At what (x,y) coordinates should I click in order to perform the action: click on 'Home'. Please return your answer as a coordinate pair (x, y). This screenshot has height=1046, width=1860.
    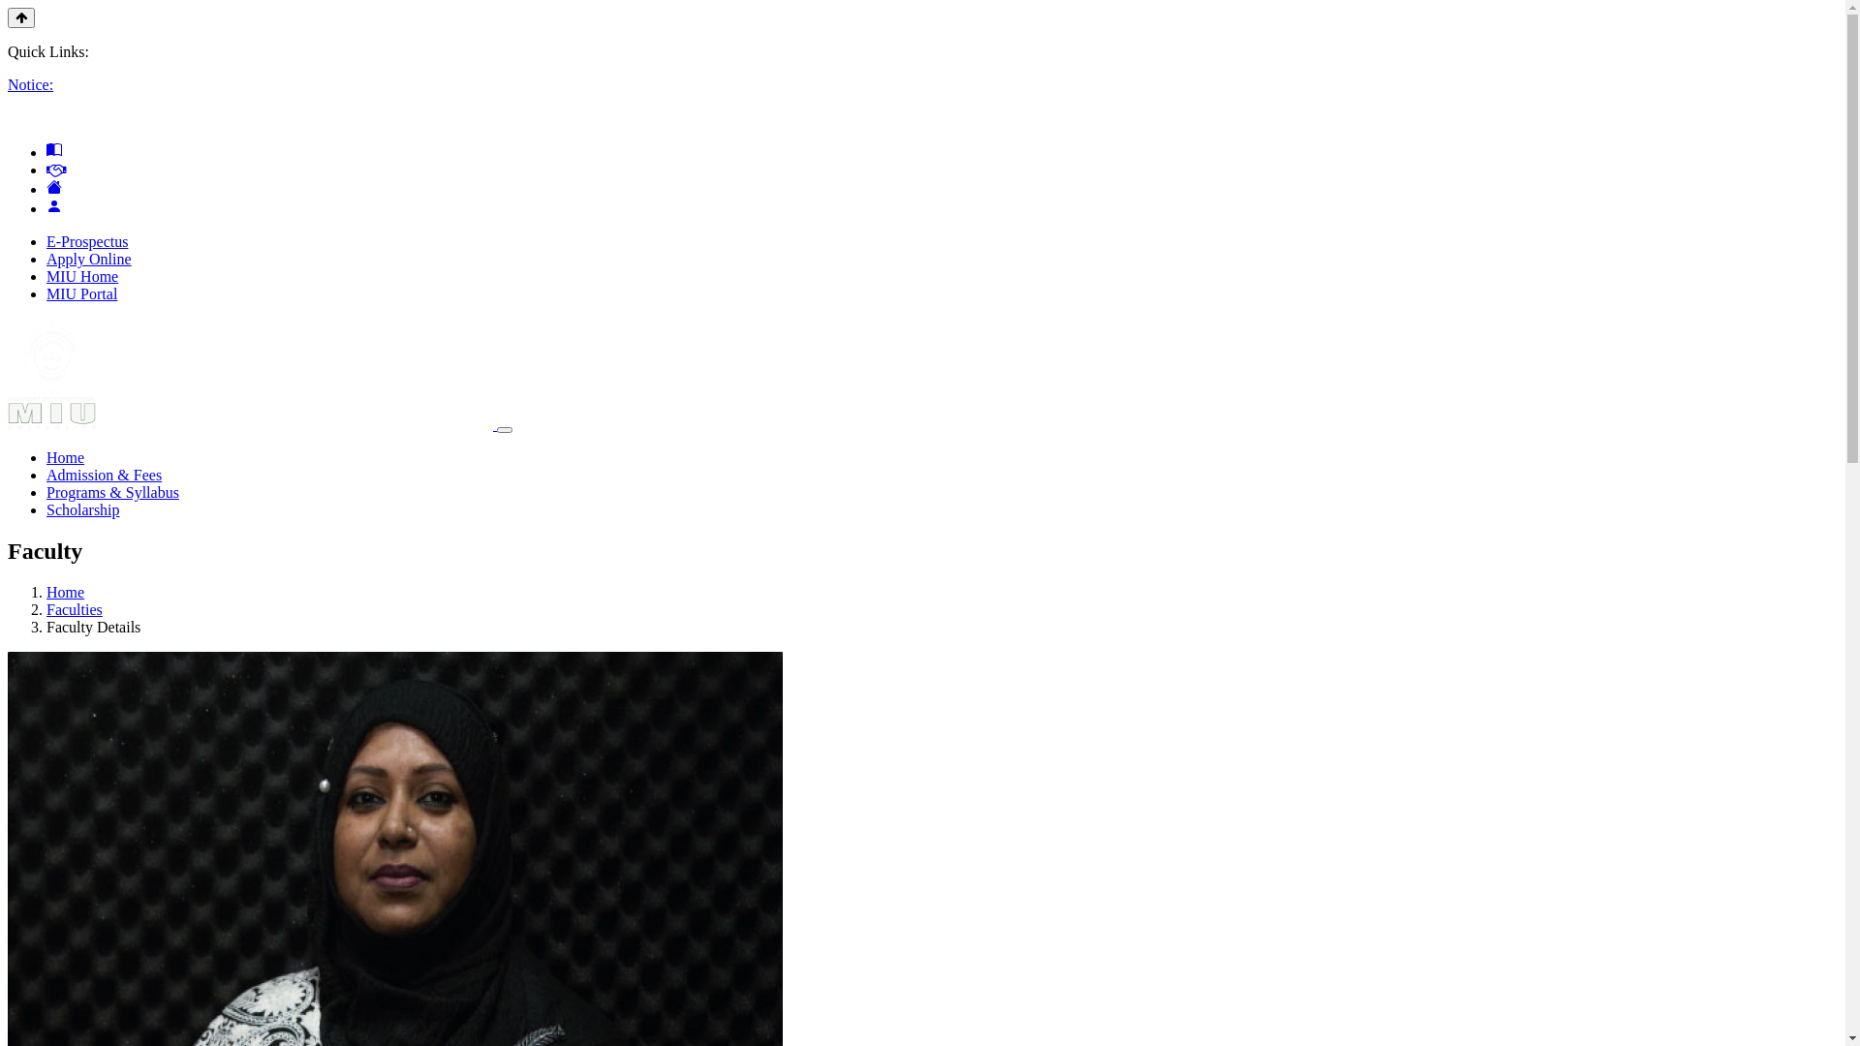
    Looking at the image, I should click on (65, 591).